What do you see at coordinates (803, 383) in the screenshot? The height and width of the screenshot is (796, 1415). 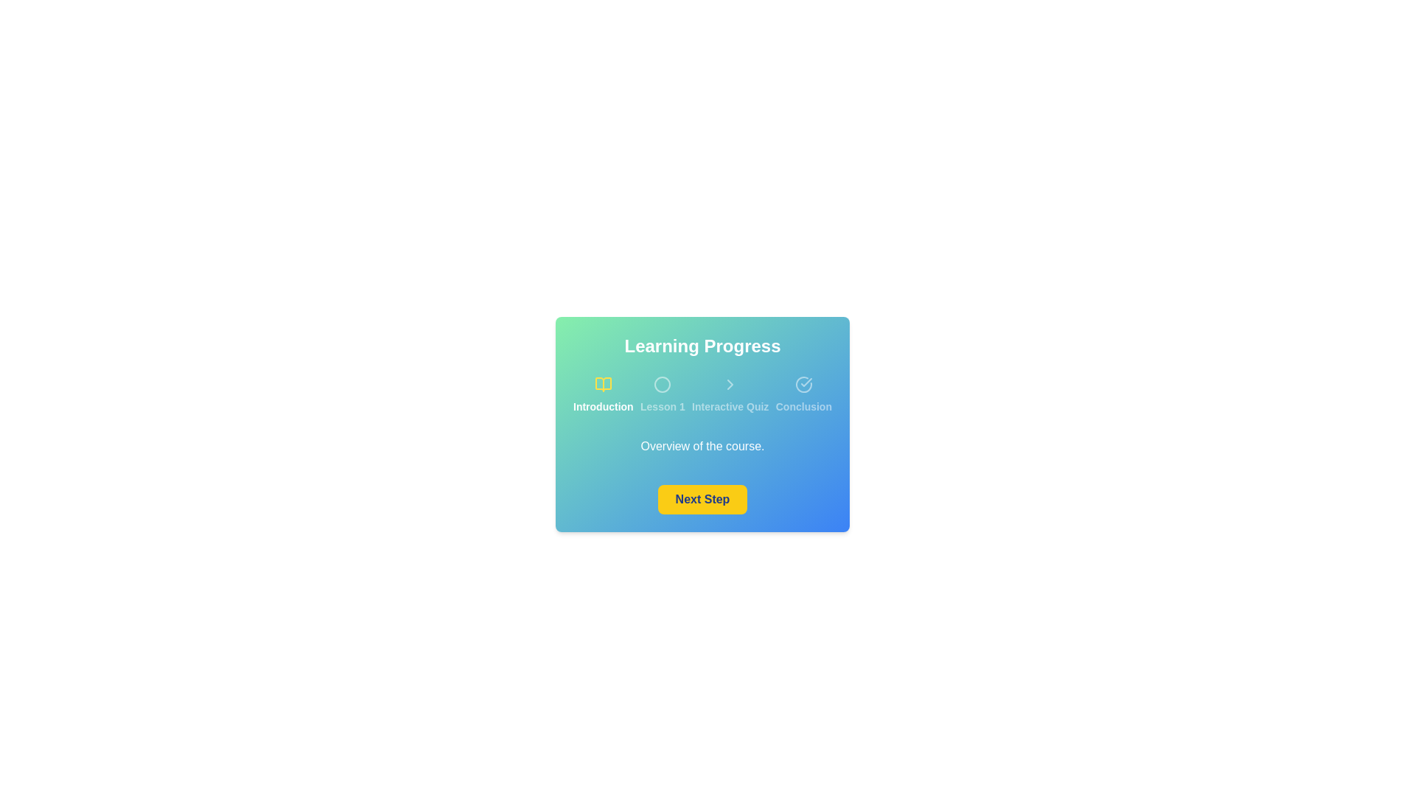 I see `the fourth milestone indicator, which is a circular checkmark icon styled with a thin stroke and displayed in white color, located at the top-right segment of the summary card above the label 'Conclusion'` at bounding box center [803, 383].